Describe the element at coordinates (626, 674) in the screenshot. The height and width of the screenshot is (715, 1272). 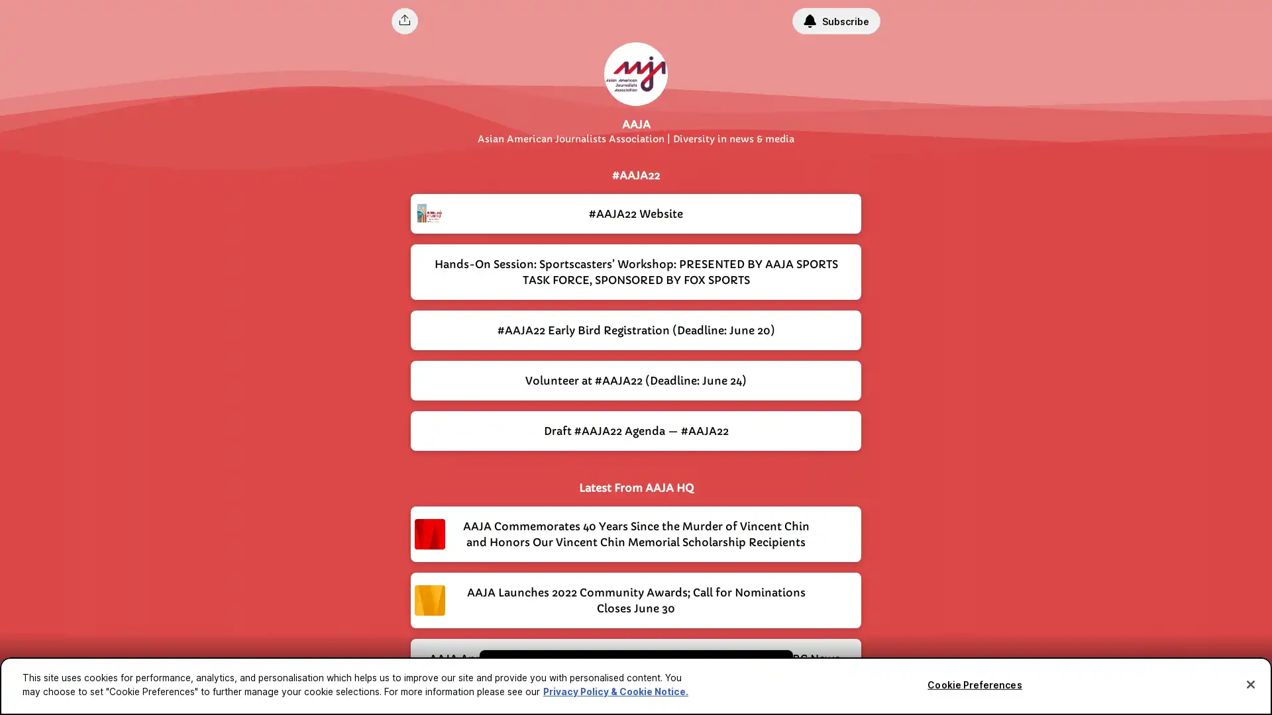
I see `Subscribe to be the first to know about new content.` at that location.